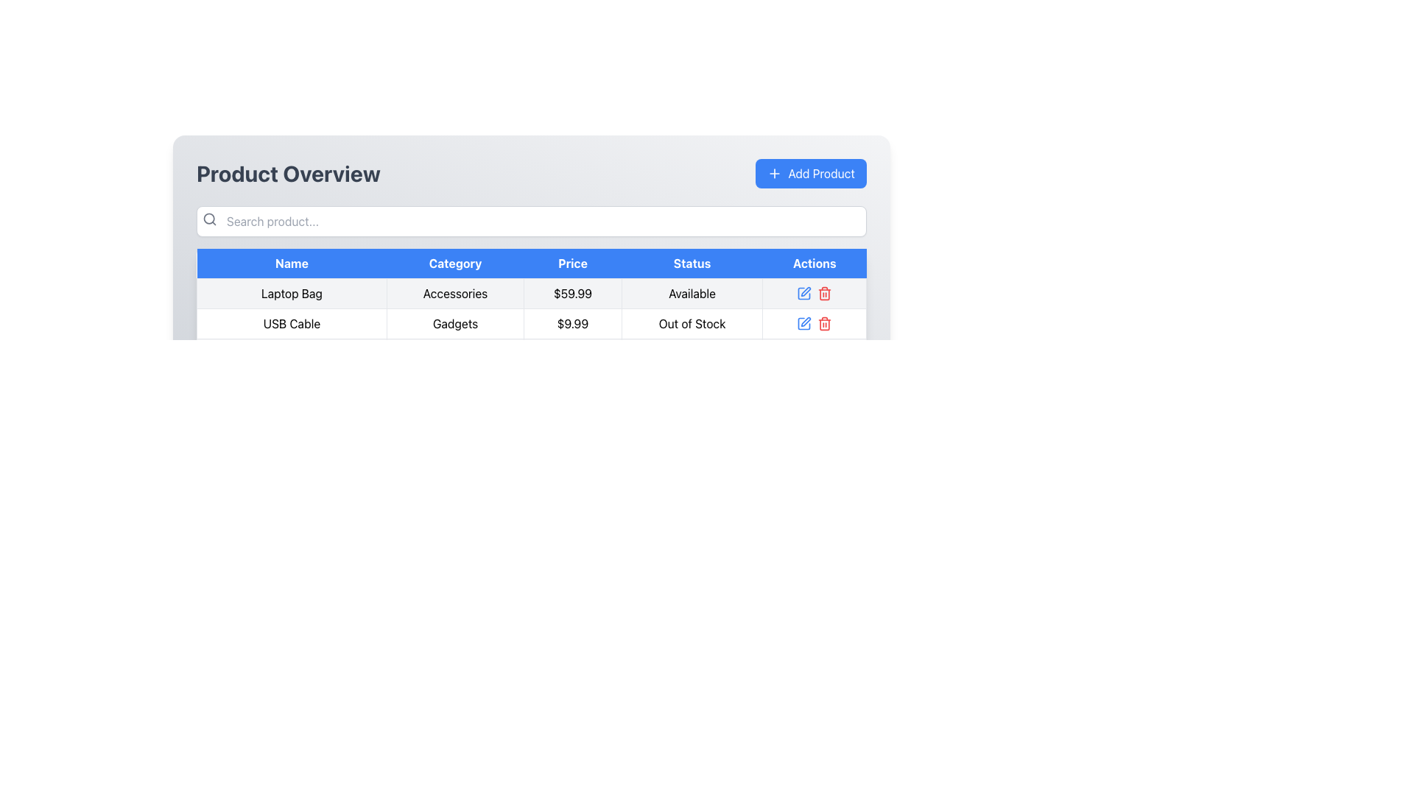 This screenshot has height=795, width=1414. I want to click on the static text element that serves as the title or header for the section, located at the top left of the page, to orient the user to the subsequent interface area, so click(288, 172).